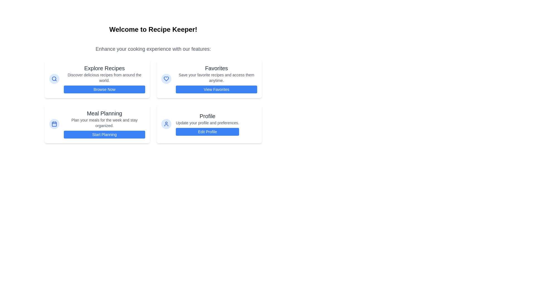 The height and width of the screenshot is (301, 535). Describe the element at coordinates (209, 123) in the screenshot. I see `the fourth card in the grid layout, which contains the title 'Profile' and the button labeled 'Edit Profile'` at that location.